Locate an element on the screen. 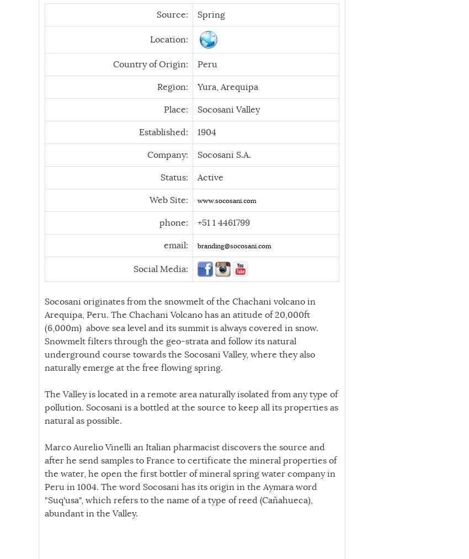 This screenshot has width=469, height=559. 'Company:' is located at coordinates (147, 153).